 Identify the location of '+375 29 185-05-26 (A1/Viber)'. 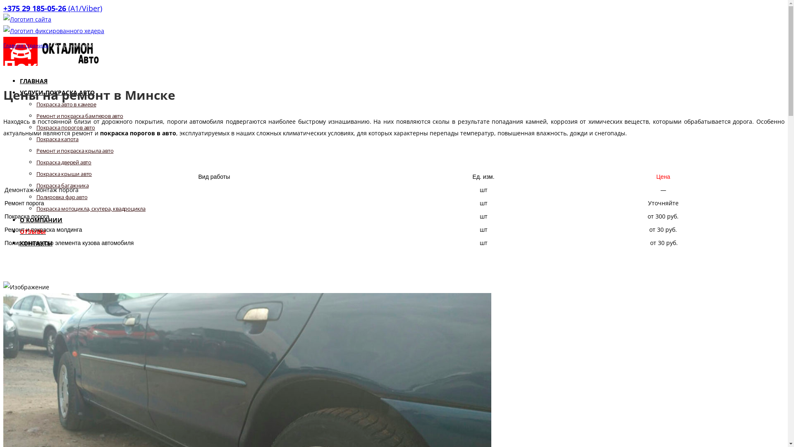
(52, 8).